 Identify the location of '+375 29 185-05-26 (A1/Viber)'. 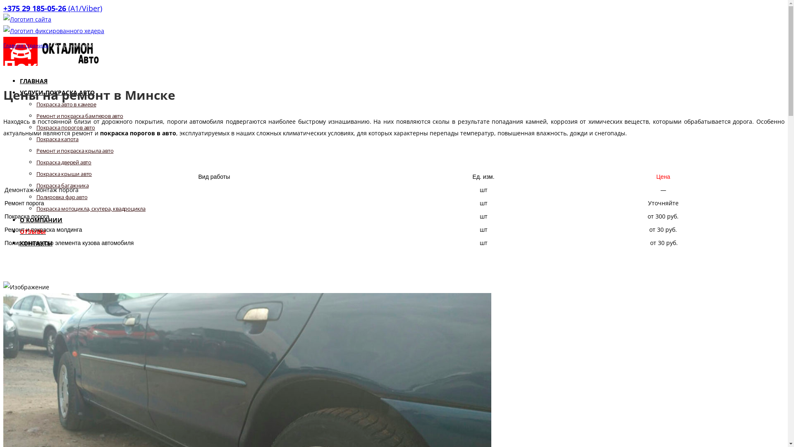
(52, 8).